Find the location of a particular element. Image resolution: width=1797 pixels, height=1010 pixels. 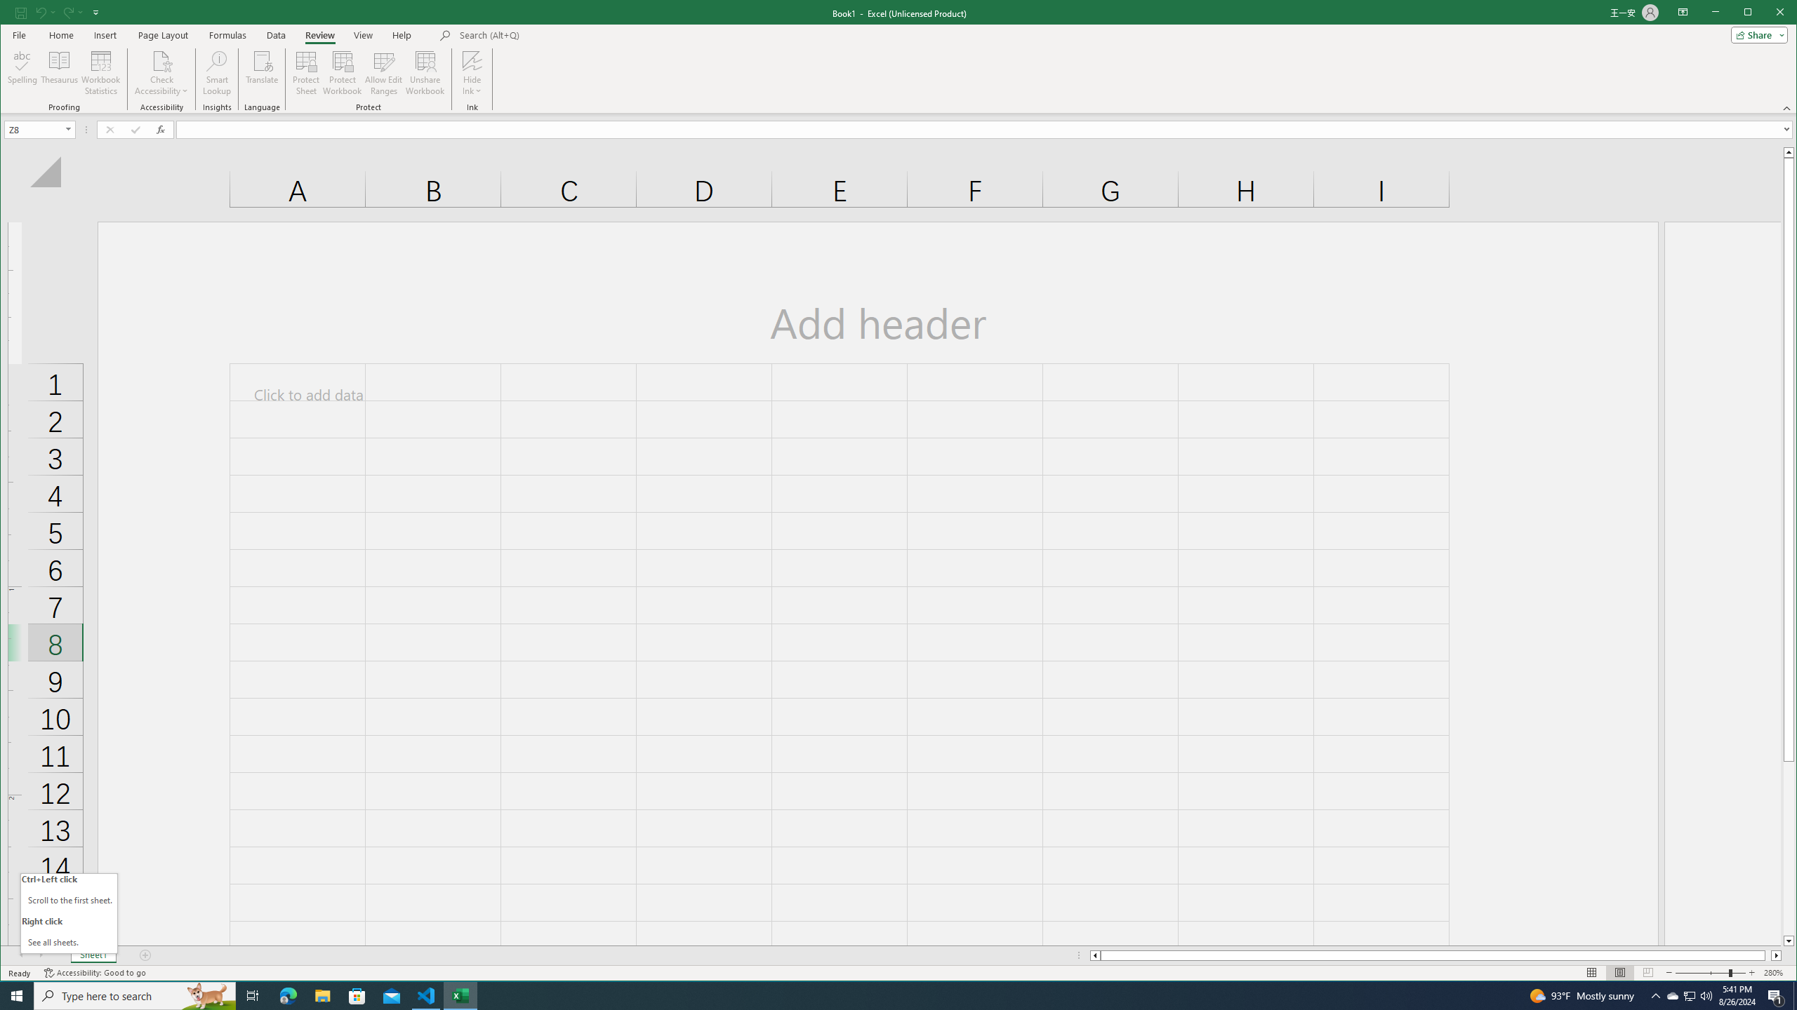

'Notification Chevron' is located at coordinates (1656, 995).